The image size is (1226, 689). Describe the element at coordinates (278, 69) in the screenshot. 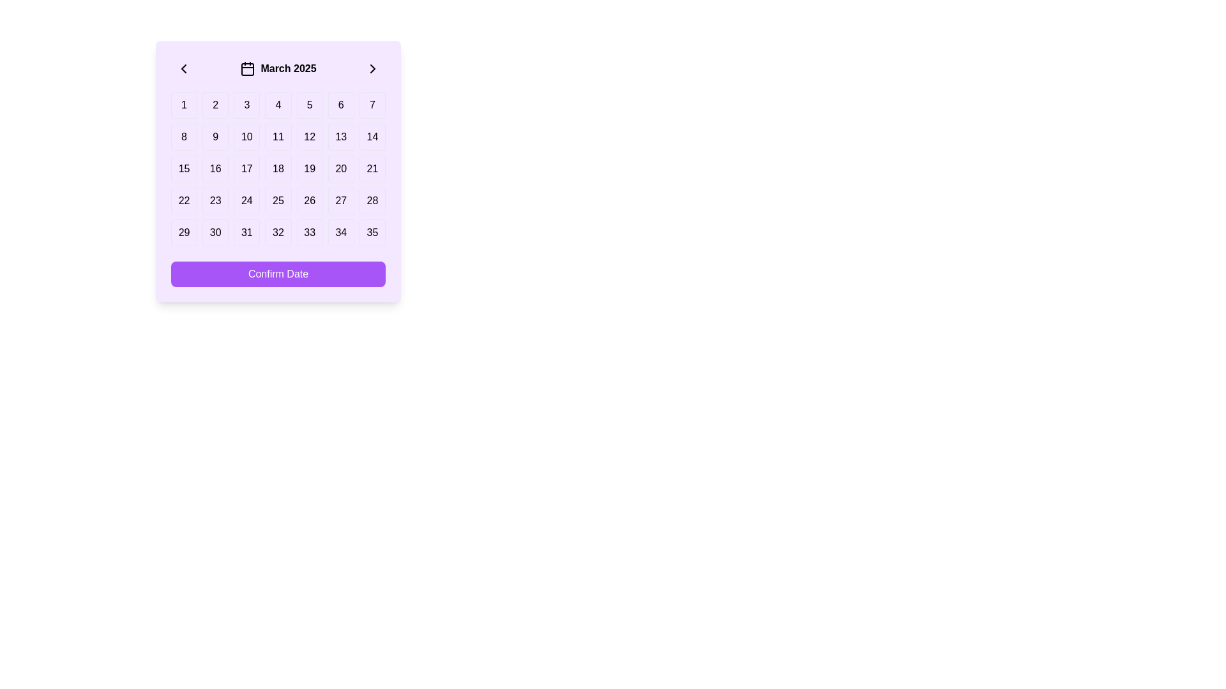

I see `the text element that displays the currently selected month and year in the calendar view, located at the top horizontal row of the date picker interface` at that location.